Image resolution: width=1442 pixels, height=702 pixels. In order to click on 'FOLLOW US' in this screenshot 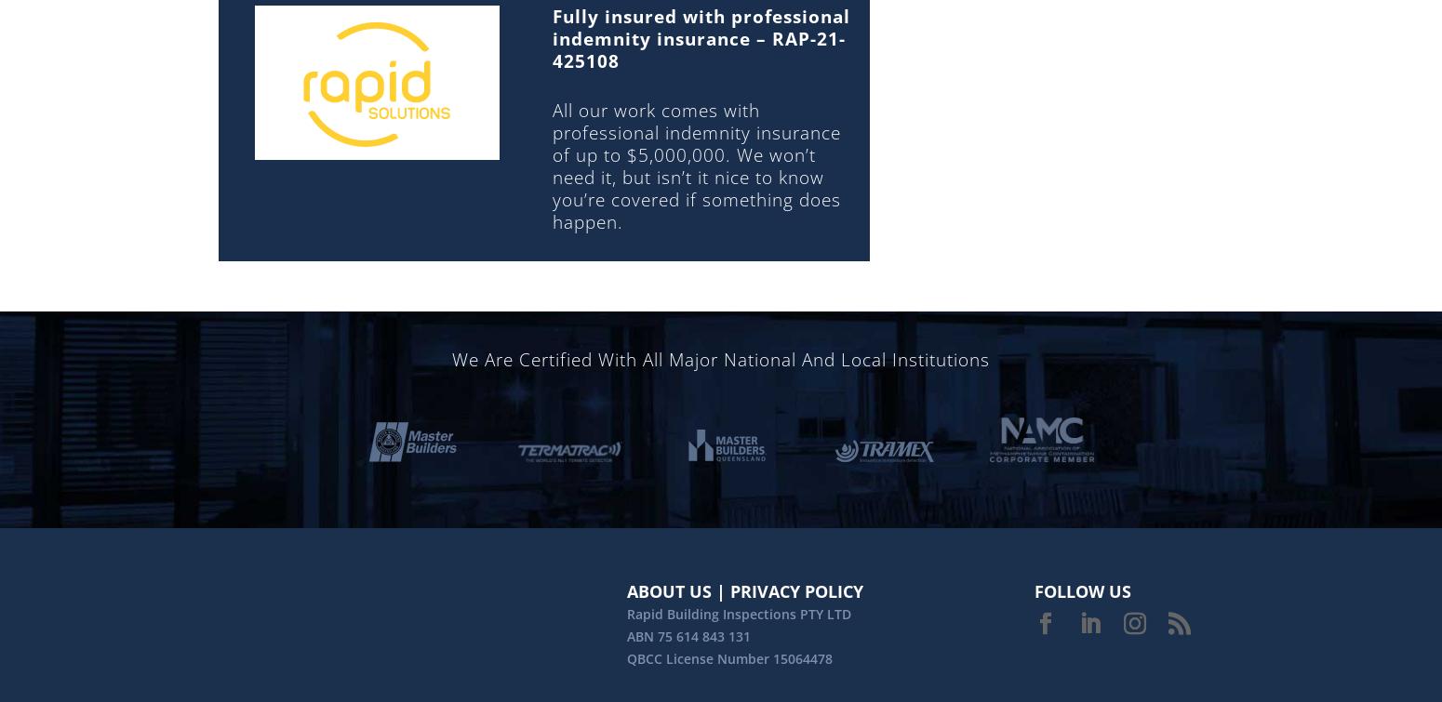, I will do `click(1083, 590)`.